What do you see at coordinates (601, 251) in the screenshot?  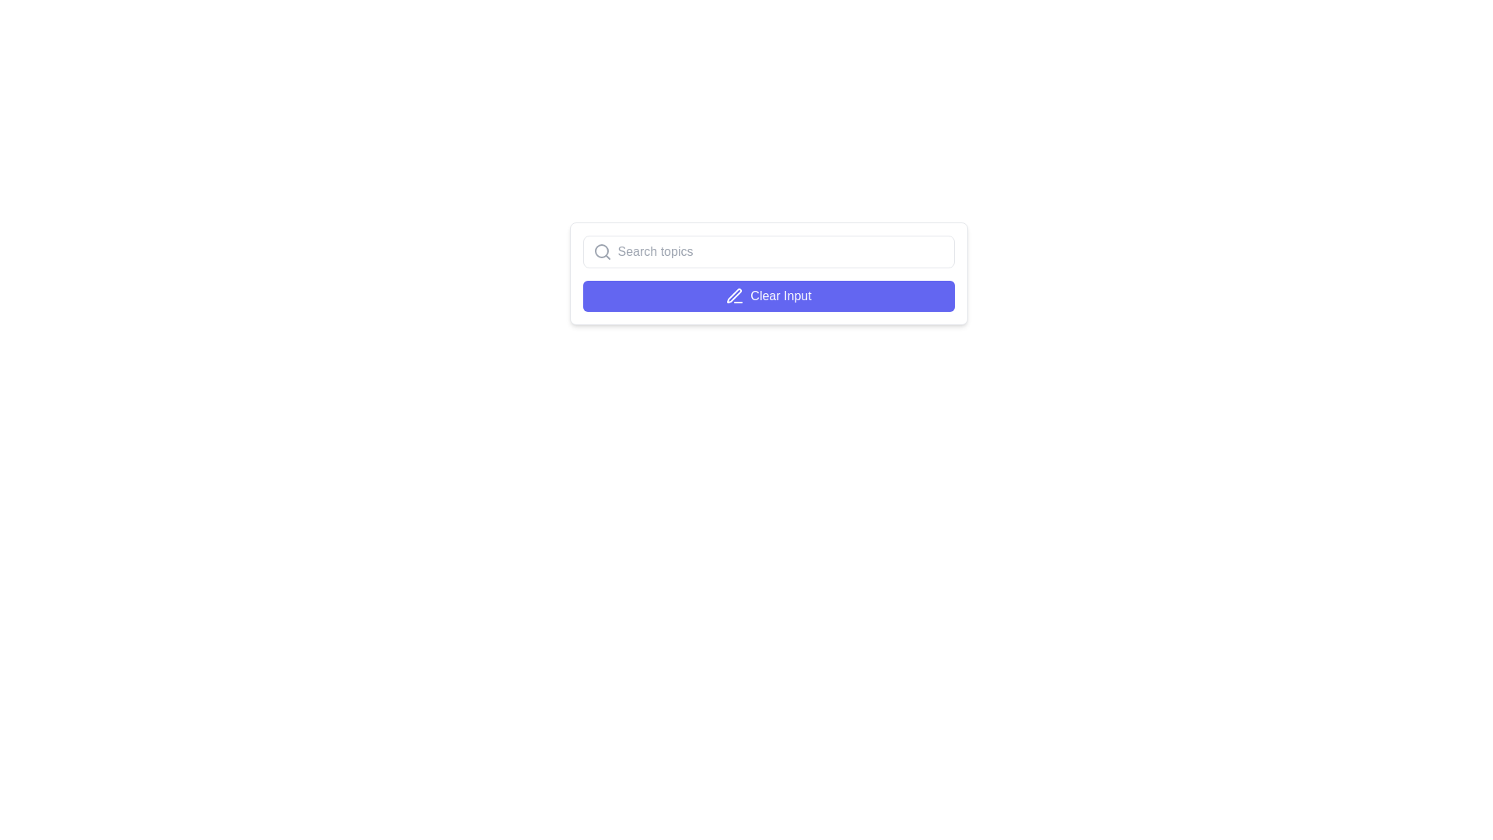 I see `the search icon, which is a gray magnifying glass with a circular lens and a diagonal handle, located at the leftmost side of the search input field` at bounding box center [601, 251].